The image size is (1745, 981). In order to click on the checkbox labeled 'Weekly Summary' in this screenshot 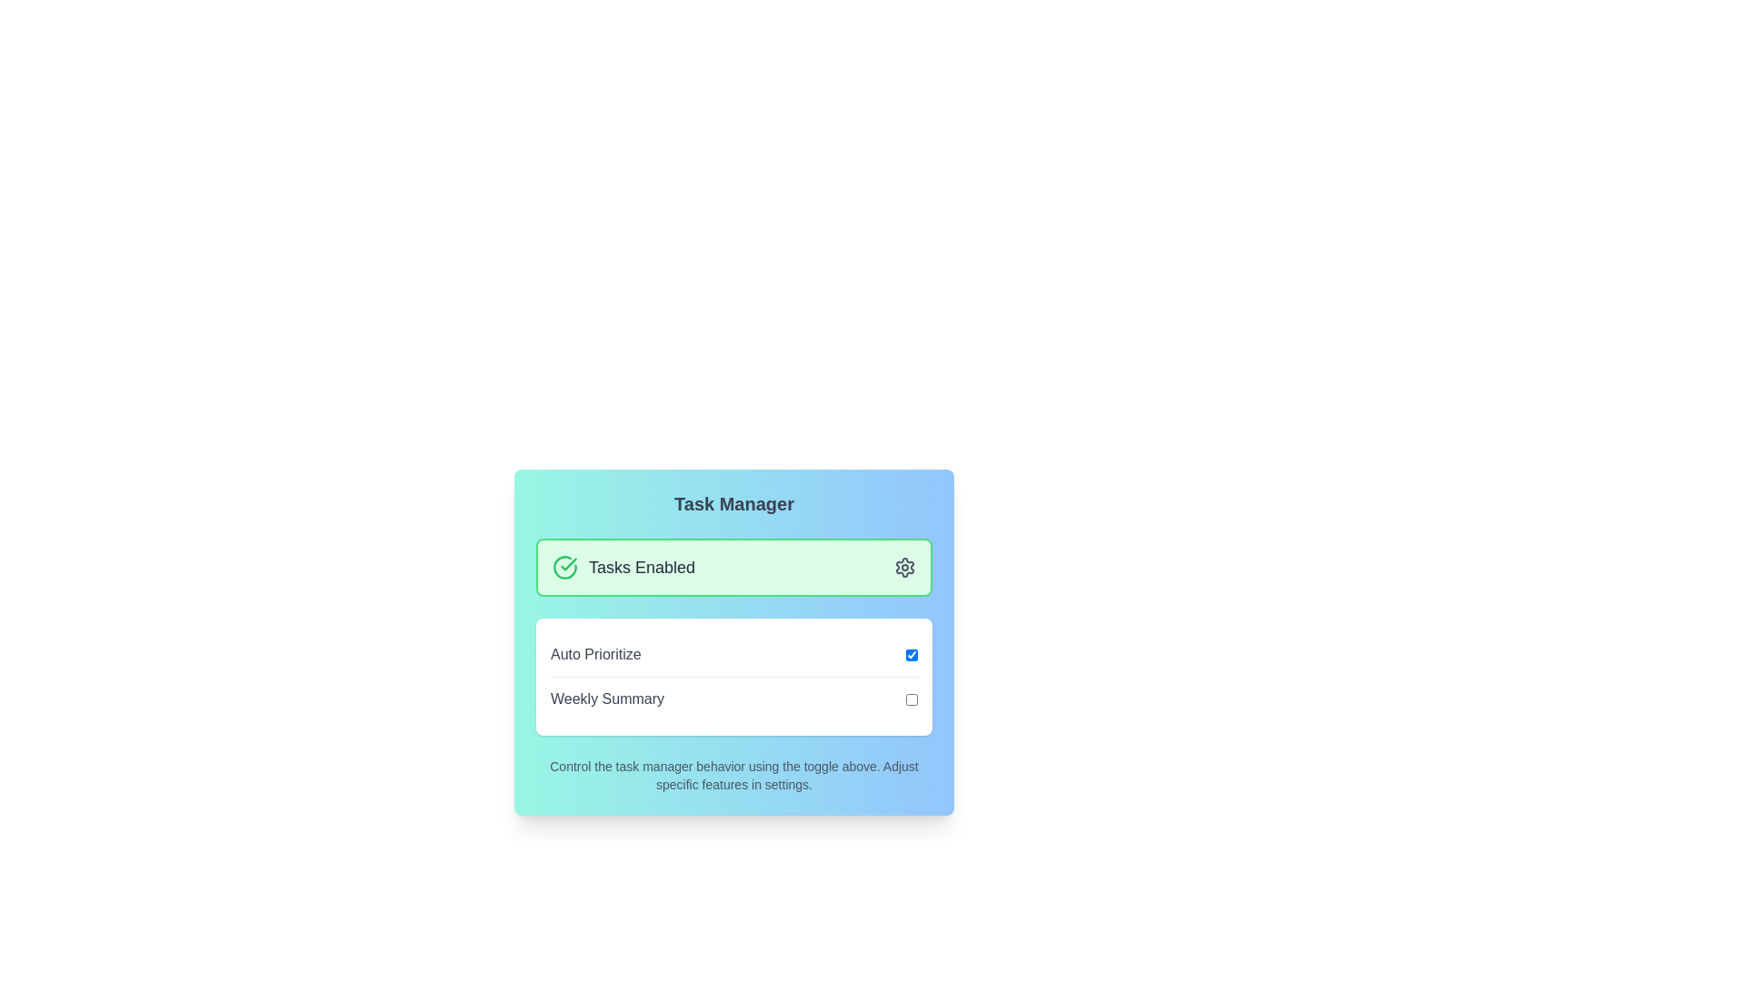, I will do `click(733, 698)`.